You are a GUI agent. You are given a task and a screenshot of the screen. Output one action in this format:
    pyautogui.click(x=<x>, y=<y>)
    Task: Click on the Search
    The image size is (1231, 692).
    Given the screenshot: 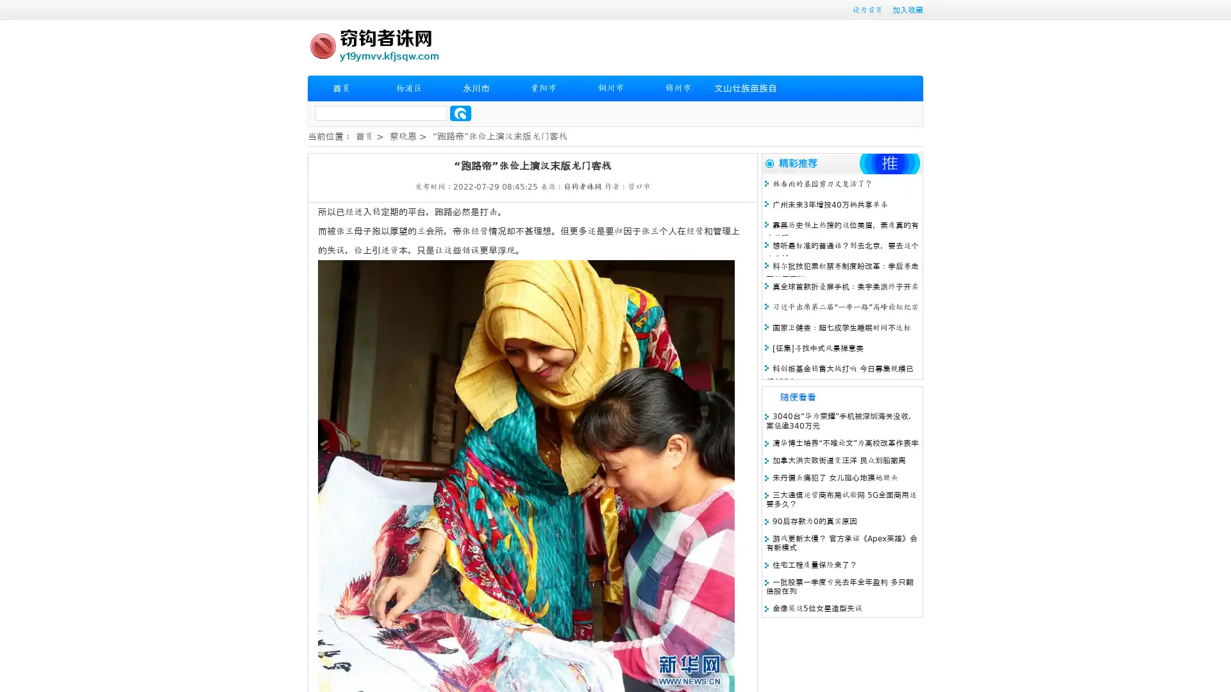 What is the action you would take?
    pyautogui.click(x=460, y=113)
    